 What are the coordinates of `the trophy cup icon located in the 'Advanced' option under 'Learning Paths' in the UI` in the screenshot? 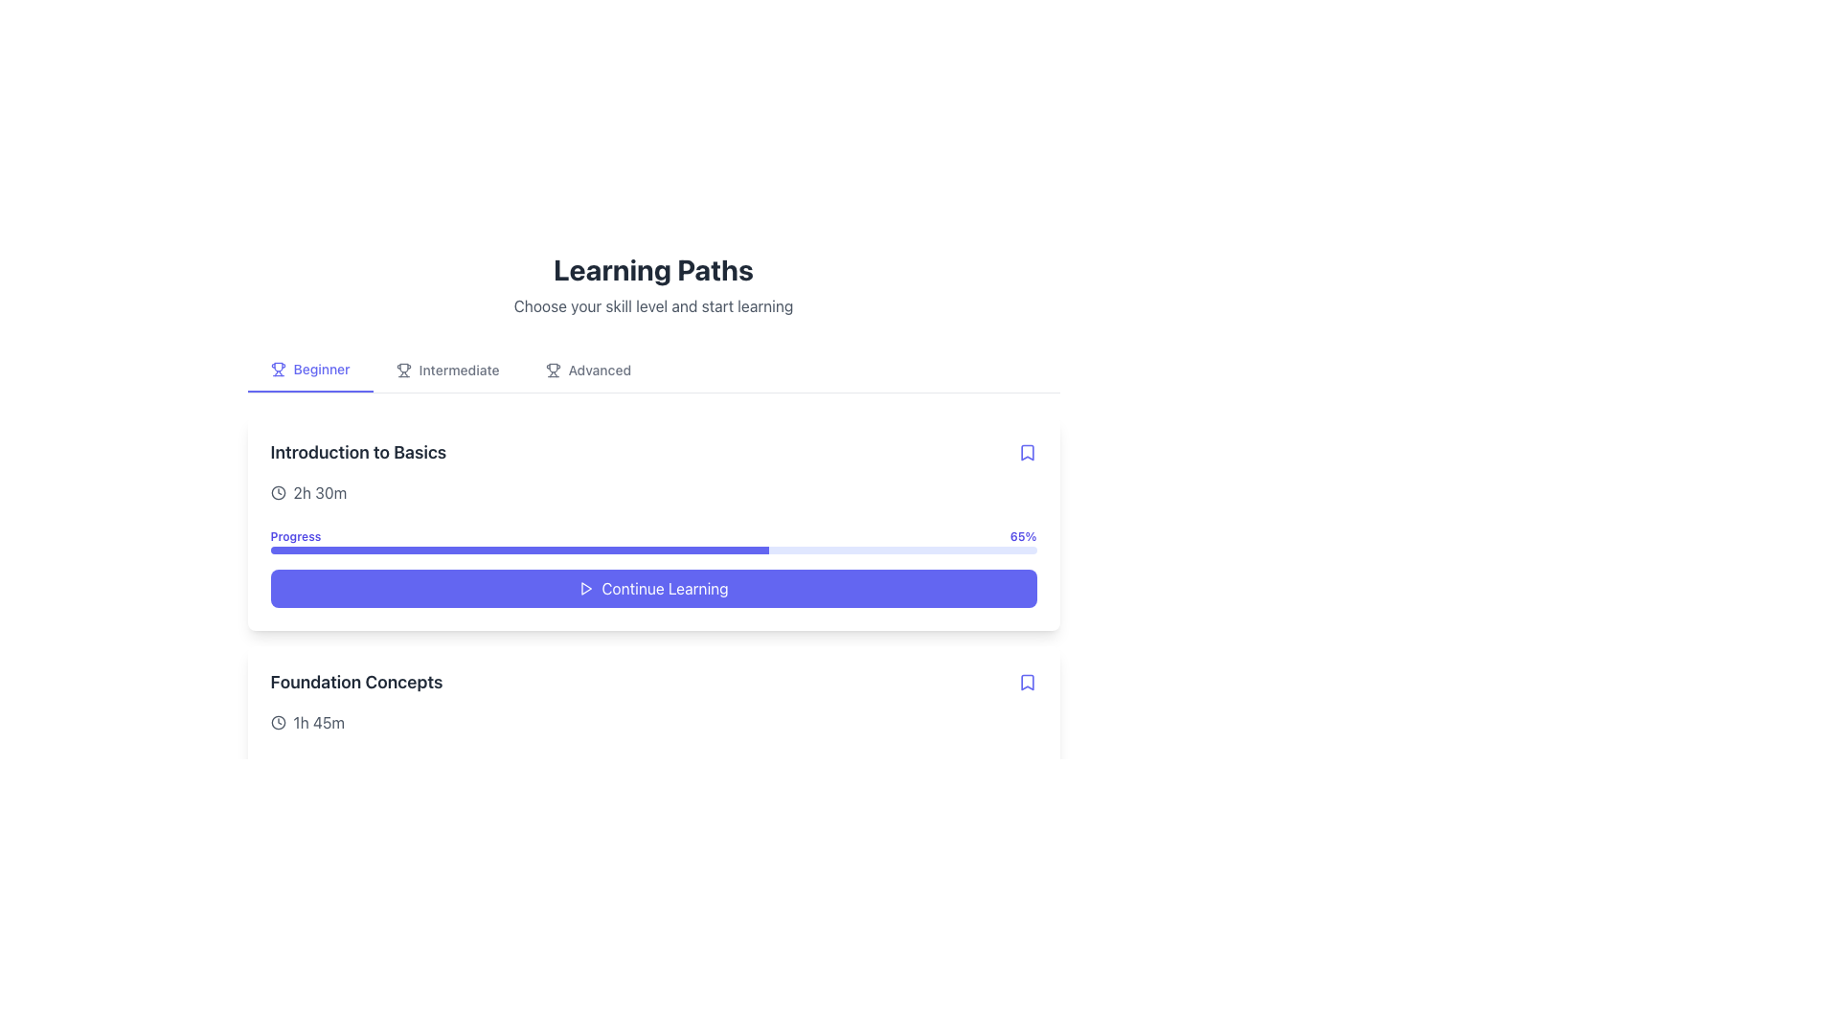 It's located at (552, 368).